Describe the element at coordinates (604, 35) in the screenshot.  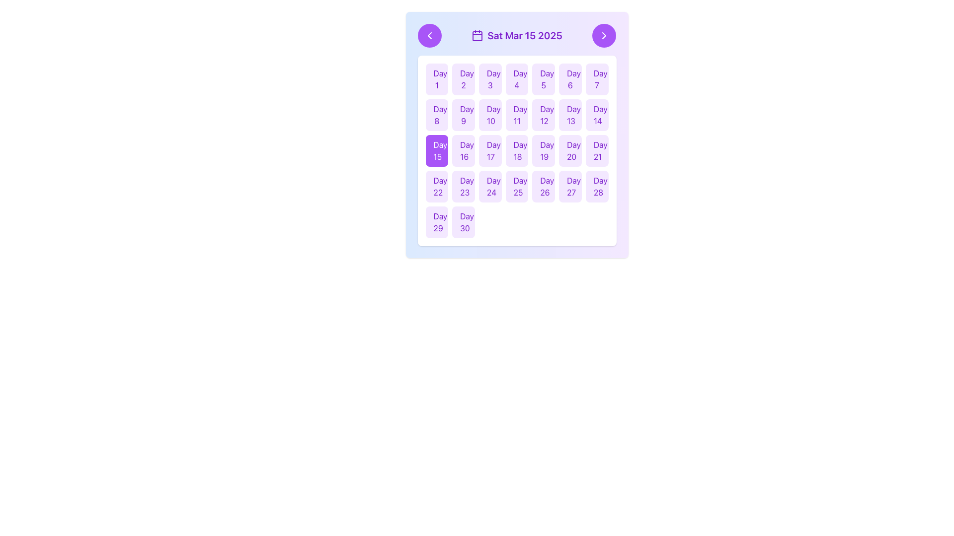
I see `the right-facing chevron icon, which is part of a purple circular button located in the top-right corner of the calendar interface` at that location.